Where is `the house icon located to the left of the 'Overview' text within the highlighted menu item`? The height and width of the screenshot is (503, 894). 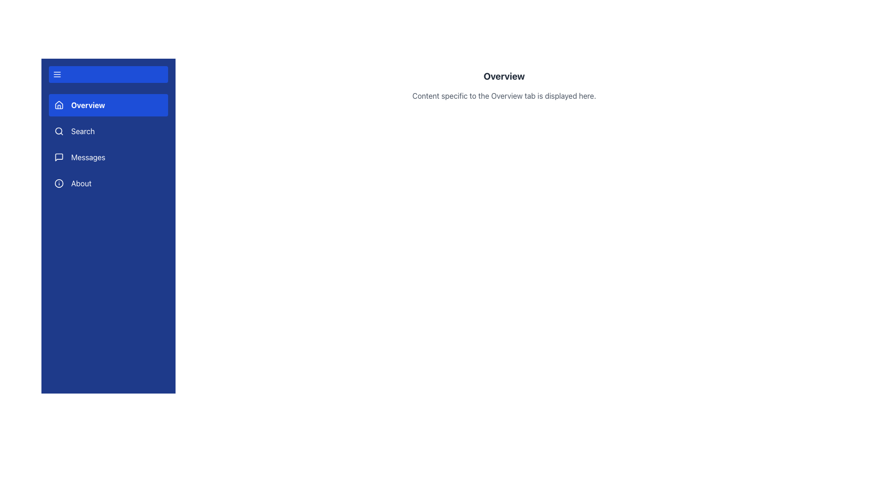 the house icon located to the left of the 'Overview' text within the highlighted menu item is located at coordinates (58, 105).